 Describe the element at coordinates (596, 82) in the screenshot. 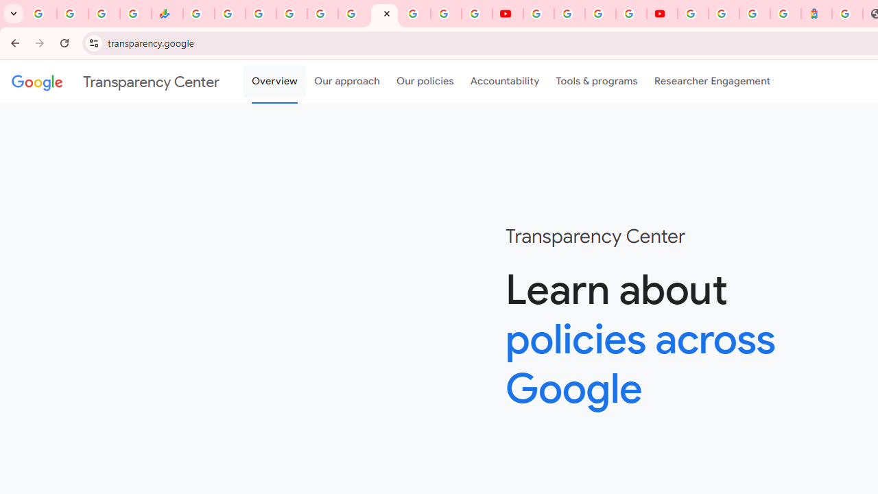

I see `'Tools & programs'` at that location.